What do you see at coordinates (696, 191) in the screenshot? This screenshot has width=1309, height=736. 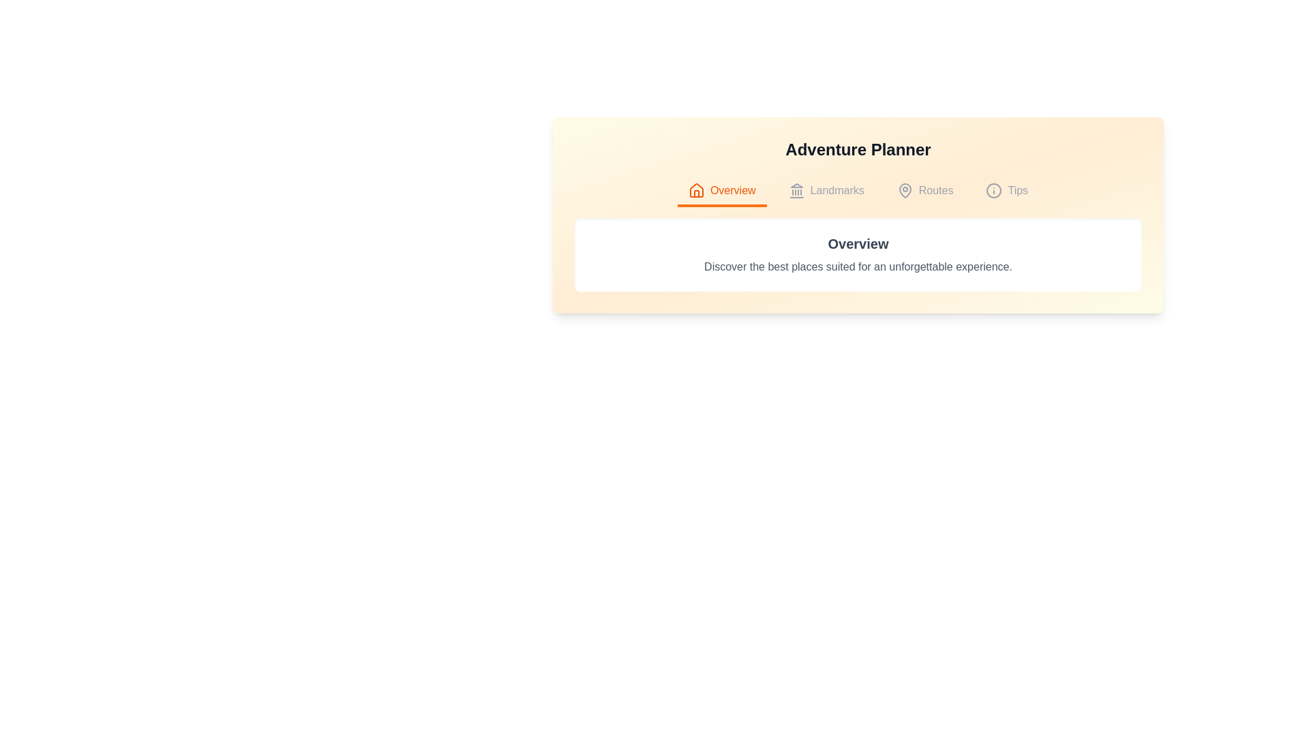 I see `the icon associated with the Overview tab` at bounding box center [696, 191].